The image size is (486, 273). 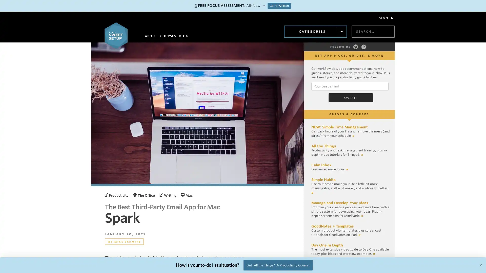 I want to click on Sweet!, so click(x=350, y=98).